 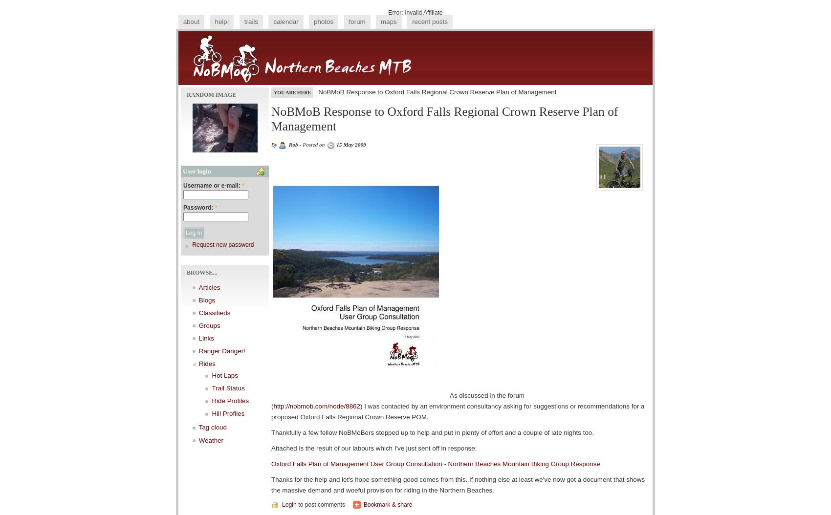 What do you see at coordinates (458, 485) in the screenshot?
I see `'Thanks for the help and let's hope something good comes from this. If nothing else at least we've now got a document that shows the massive demand and woeful provision for riding in the Northern Beaches.'` at bounding box center [458, 485].